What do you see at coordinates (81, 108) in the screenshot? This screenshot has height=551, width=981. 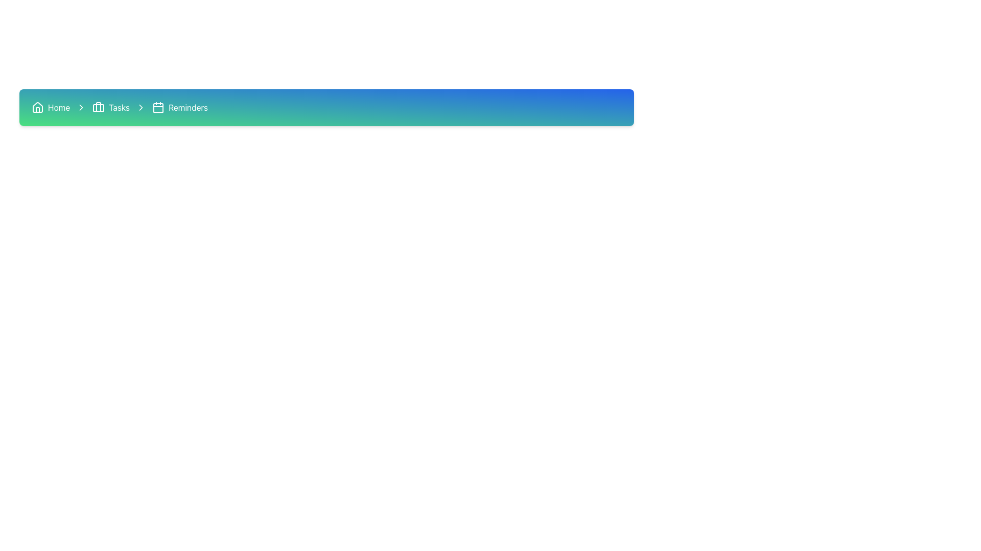 I see `the second chevron icon in the breadcrumb navigation bar, located between 'Home' and 'Tasks', to visually indicate the navigation hierarchy` at bounding box center [81, 108].